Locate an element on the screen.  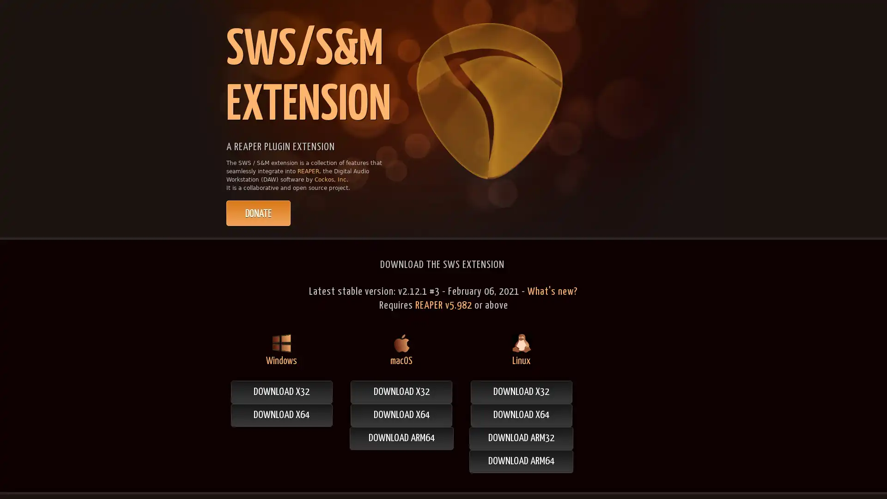
DOWNLOAD ARM32 is located at coordinates (590, 438).